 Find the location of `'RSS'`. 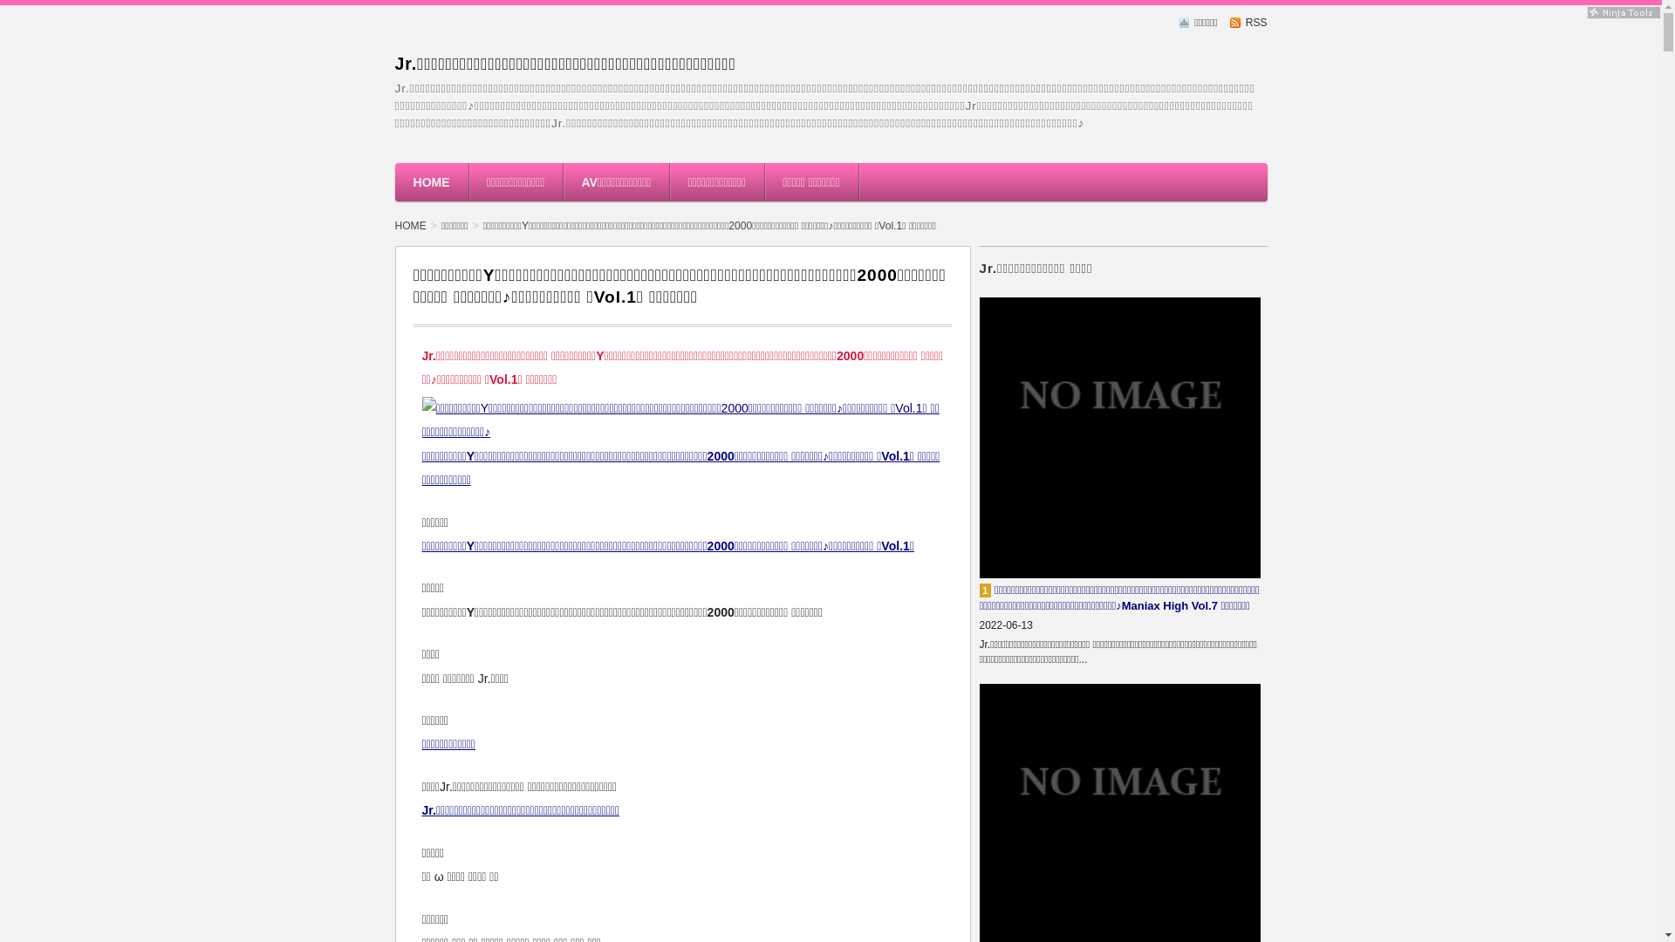

'RSS' is located at coordinates (1229, 23).